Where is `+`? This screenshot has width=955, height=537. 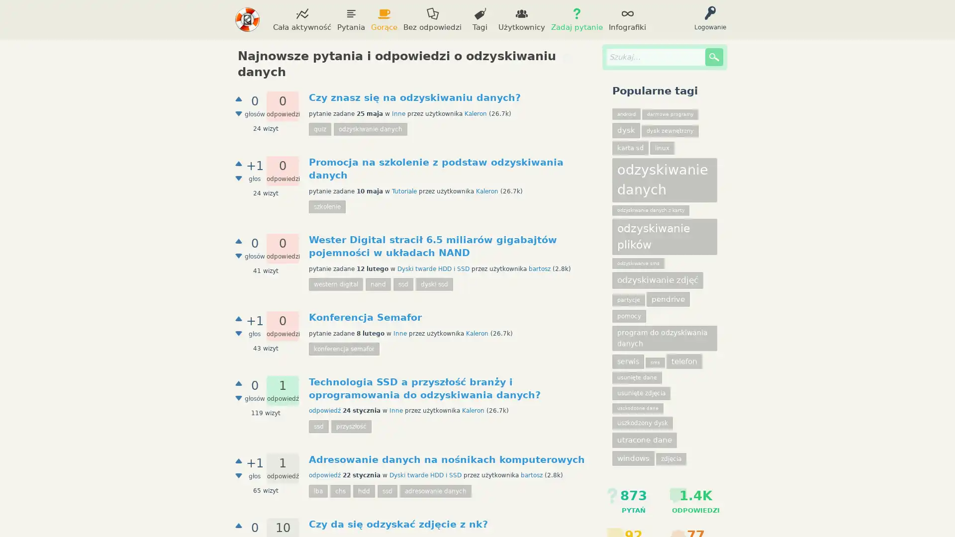
+ is located at coordinates (239, 460).